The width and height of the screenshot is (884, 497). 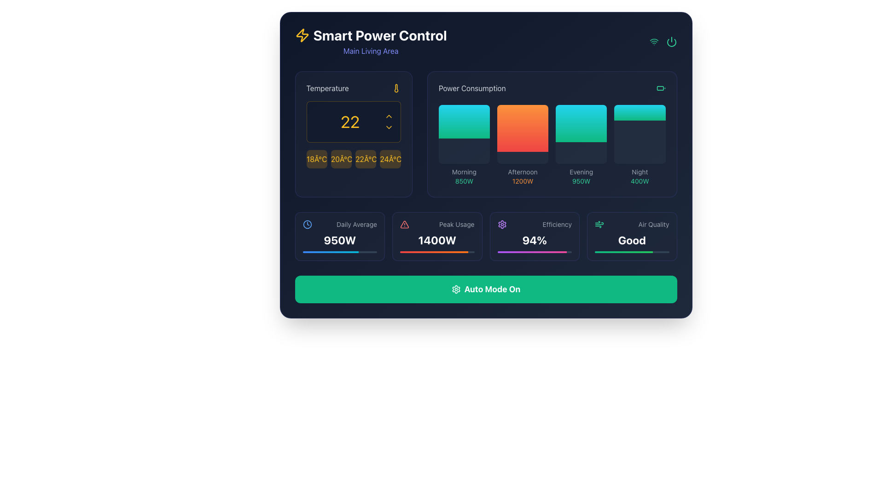 What do you see at coordinates (436, 239) in the screenshot?
I see `the text display that shows the peak power consumption in watts, which is centrally located in the 'Peak Usage' section, next to a warning icon and below the label 'Peak Usage'` at bounding box center [436, 239].